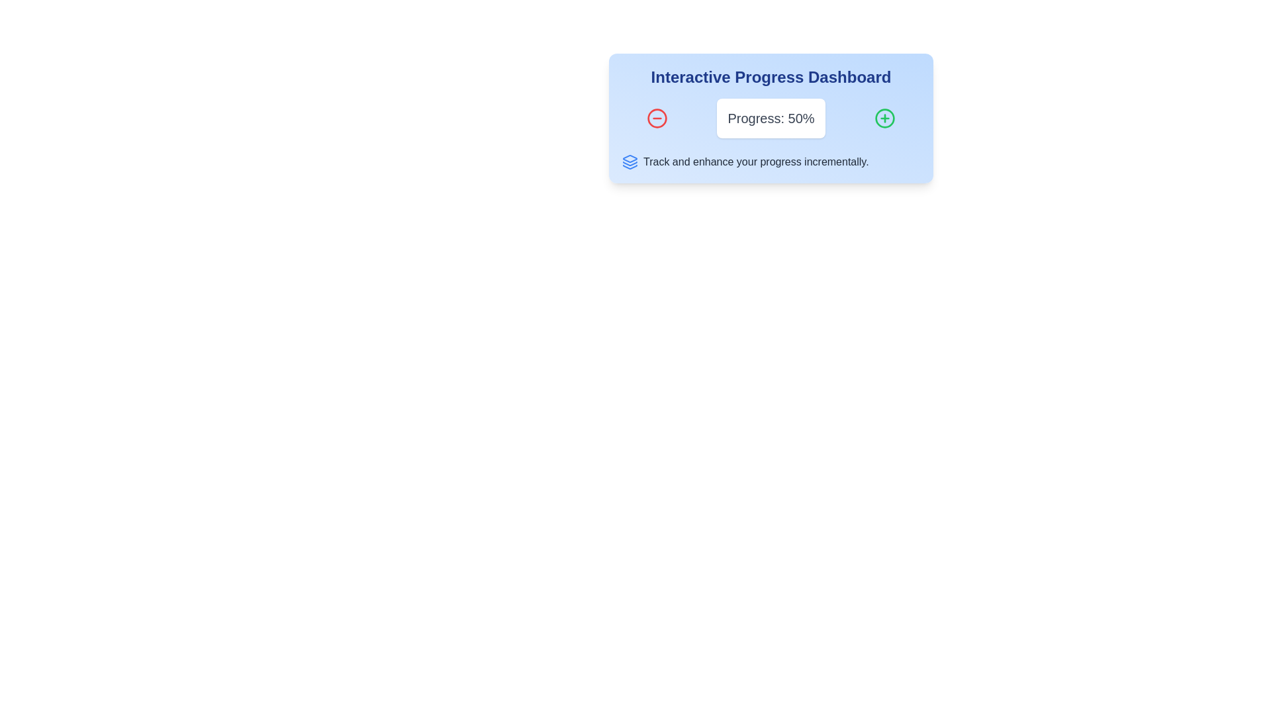 The width and height of the screenshot is (1271, 715). Describe the element at coordinates (629, 162) in the screenshot. I see `the blue layered sheets icon located to the left of the text 'Track and enhance your progress incrementally'` at that location.